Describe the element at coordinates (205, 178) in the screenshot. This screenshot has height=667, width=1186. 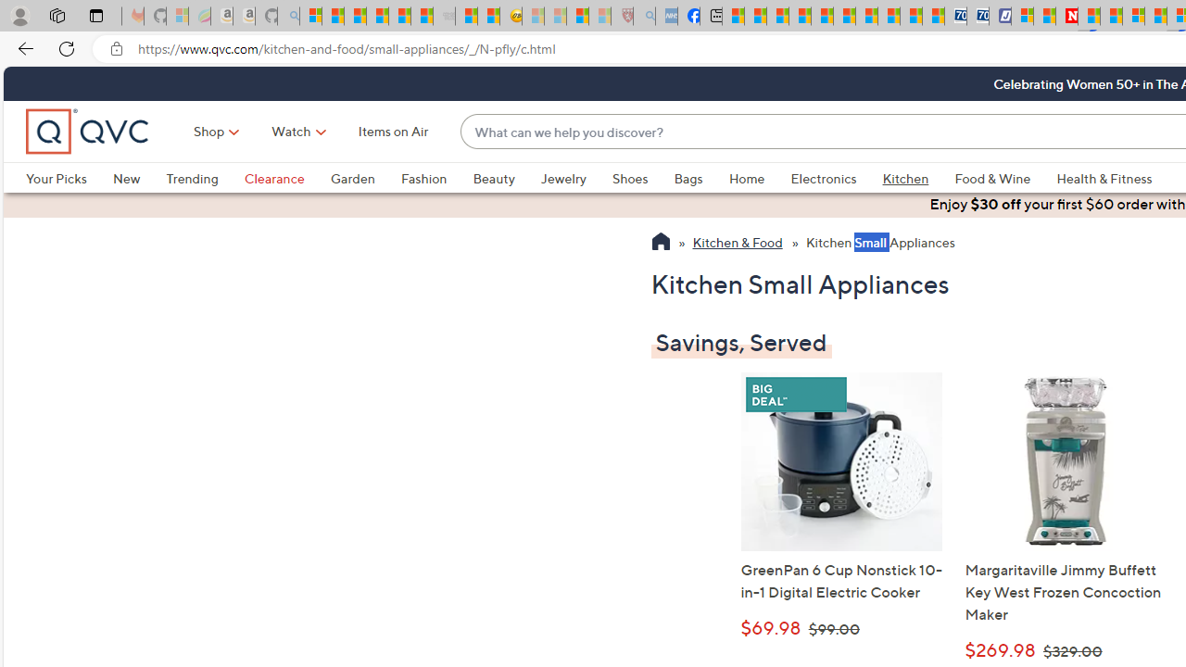
I see `'Trending'` at that location.